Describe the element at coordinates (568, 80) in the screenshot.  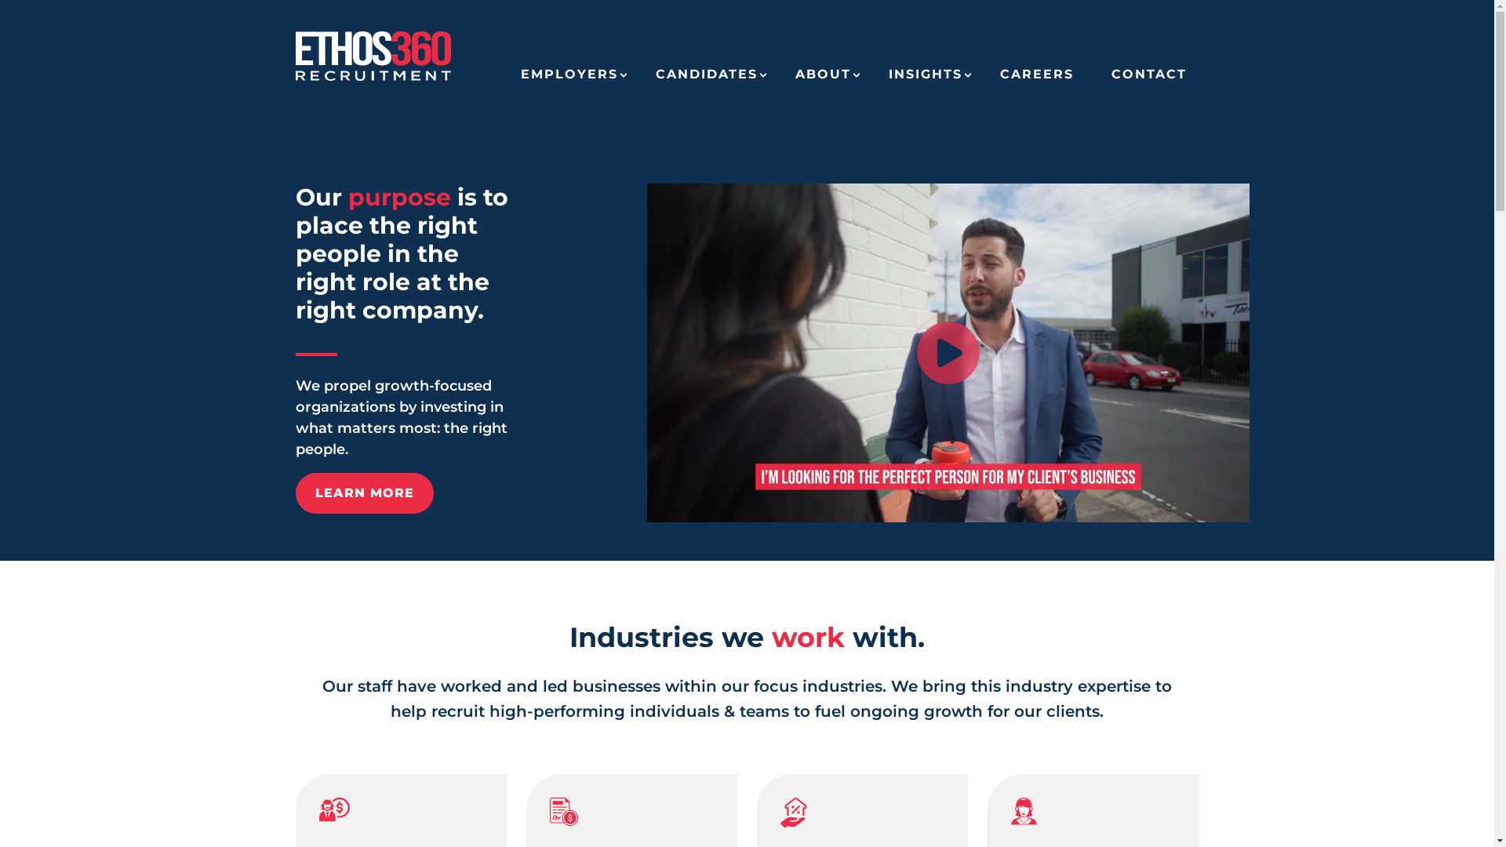
I see `'EMPLOYERS'` at that location.